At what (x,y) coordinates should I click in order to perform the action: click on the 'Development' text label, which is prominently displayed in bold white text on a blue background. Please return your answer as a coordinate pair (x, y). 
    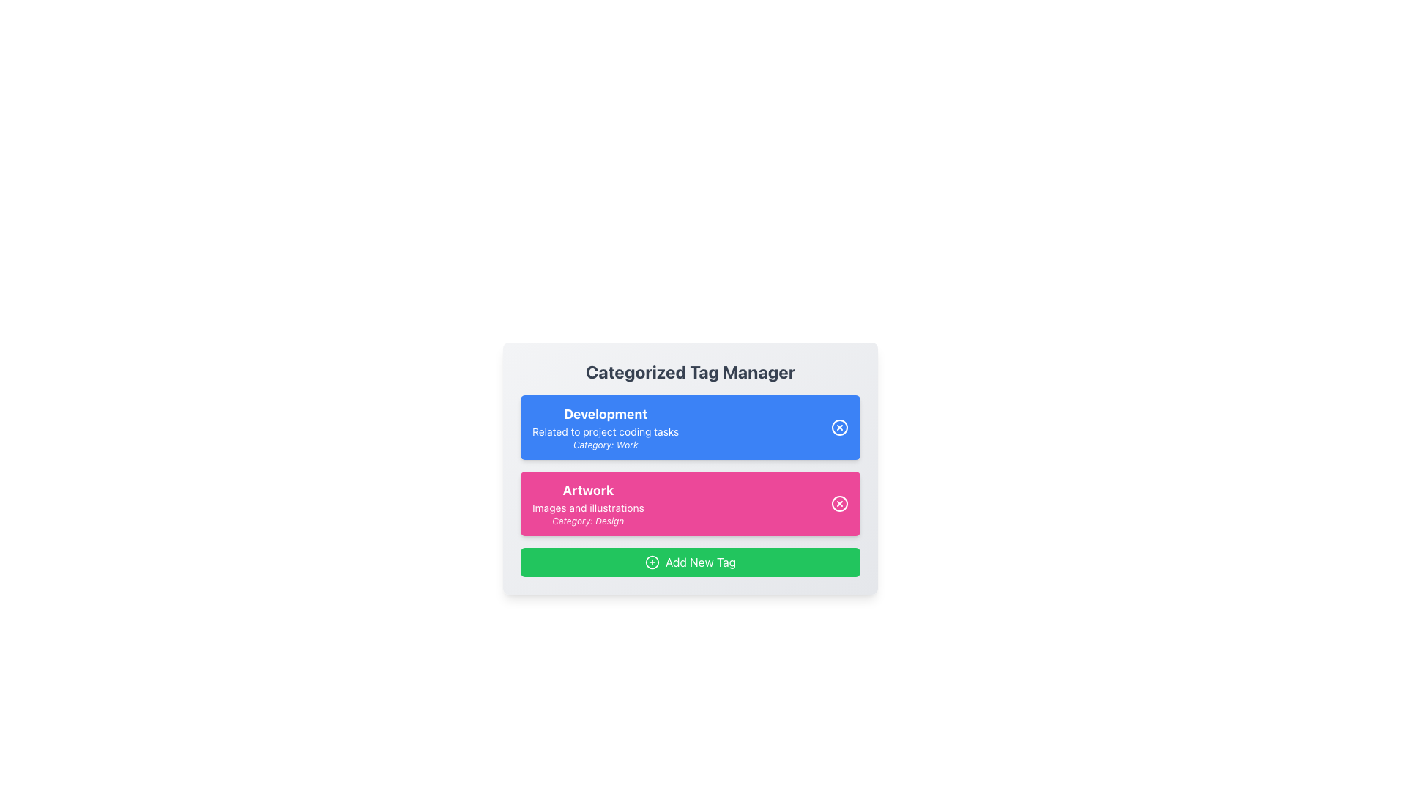
    Looking at the image, I should click on (606, 415).